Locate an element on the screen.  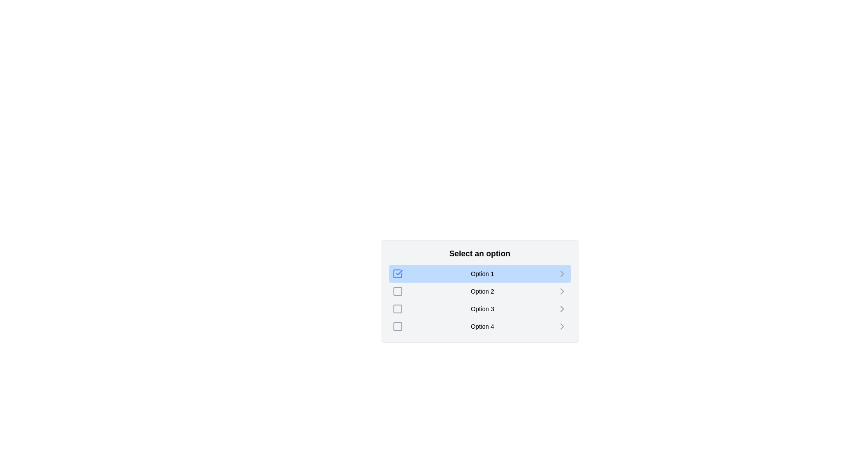
the checkbox located next to the text 'Option 3' in the vertical list is located at coordinates (397, 309).